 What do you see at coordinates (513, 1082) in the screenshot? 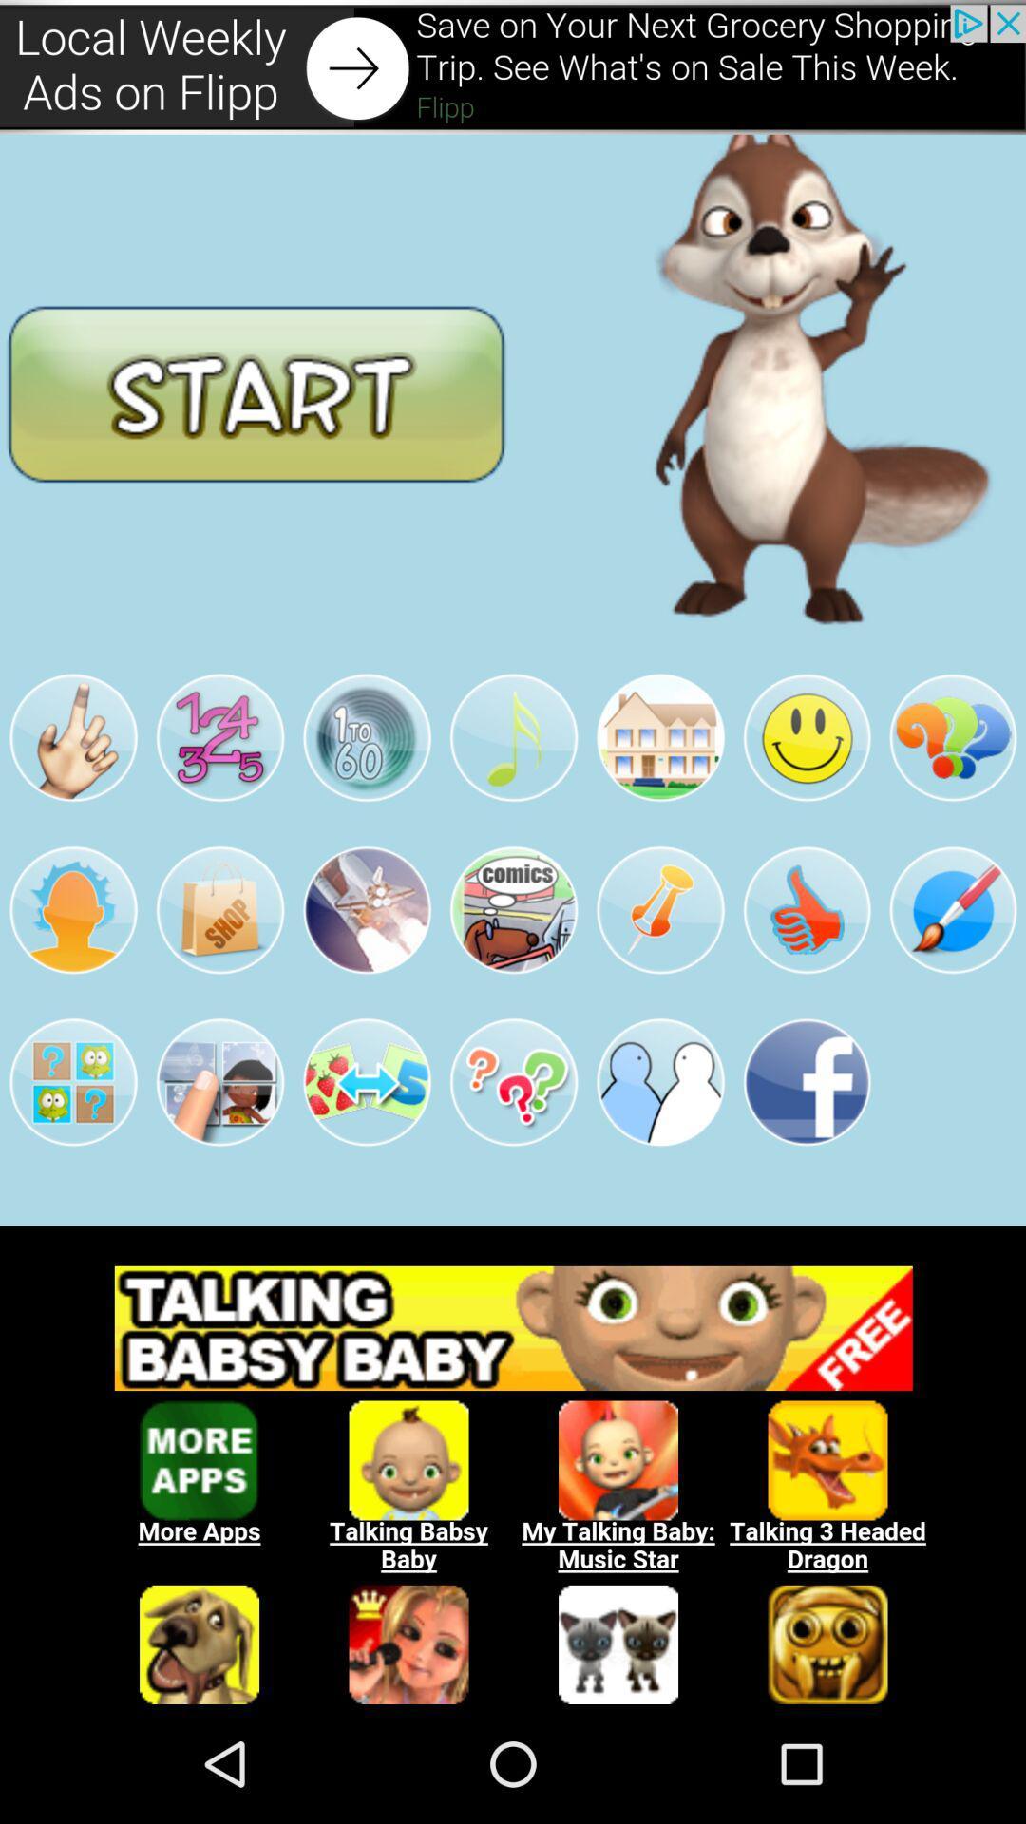
I see `the icon which looks like question marks in the bottom` at bounding box center [513, 1082].